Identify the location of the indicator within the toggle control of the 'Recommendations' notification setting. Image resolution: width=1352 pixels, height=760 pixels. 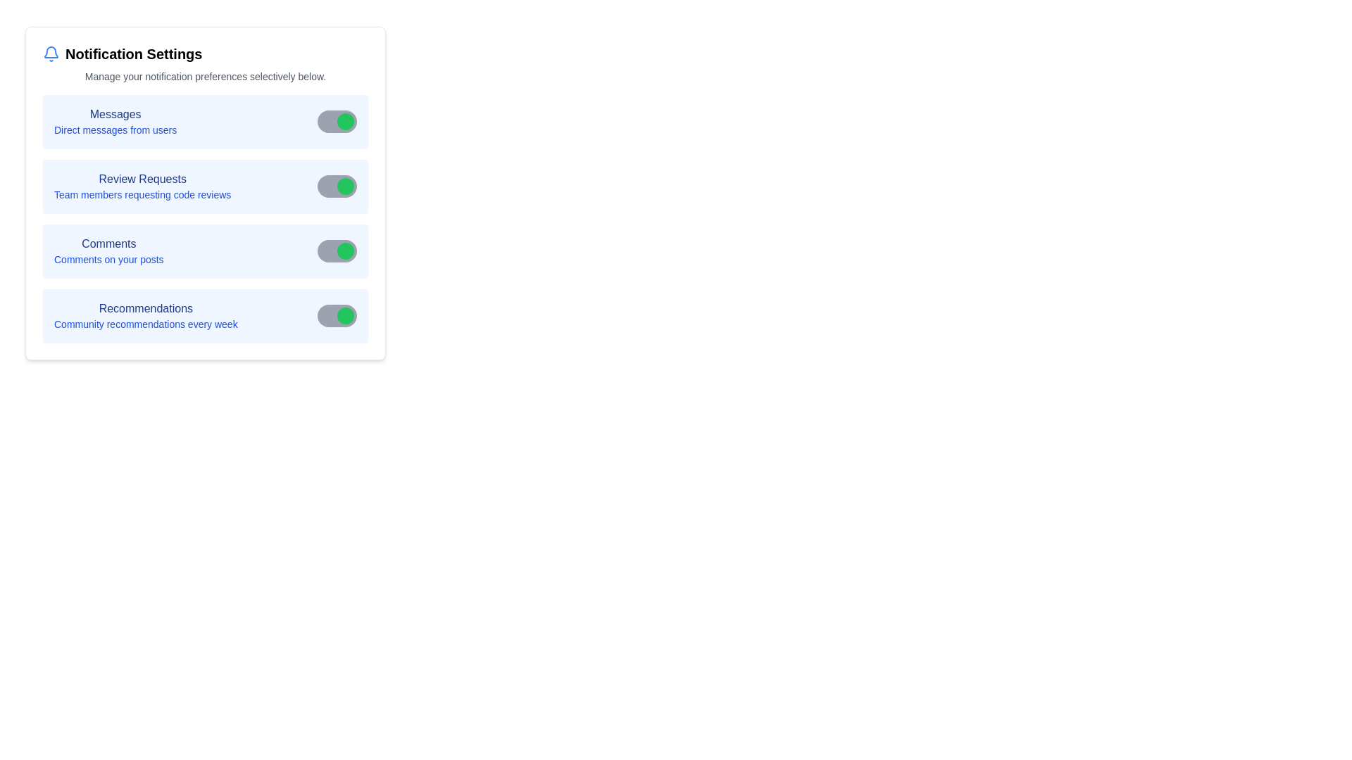
(345, 315).